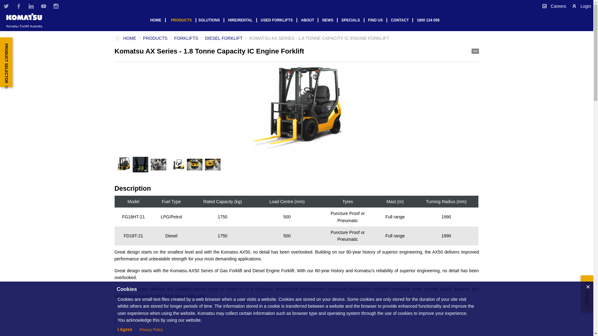 Image resolution: width=598 pixels, height=336 pixels. What do you see at coordinates (125, 329) in the screenshot?
I see `'I Agree'` at bounding box center [125, 329].